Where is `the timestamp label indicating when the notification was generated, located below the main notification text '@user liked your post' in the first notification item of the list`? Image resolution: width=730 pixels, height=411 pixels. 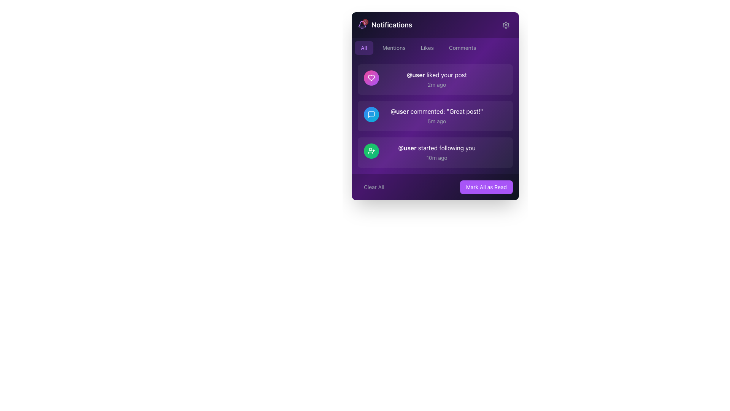 the timestamp label indicating when the notification was generated, located below the main notification text '@user liked your post' in the first notification item of the list is located at coordinates (436, 85).